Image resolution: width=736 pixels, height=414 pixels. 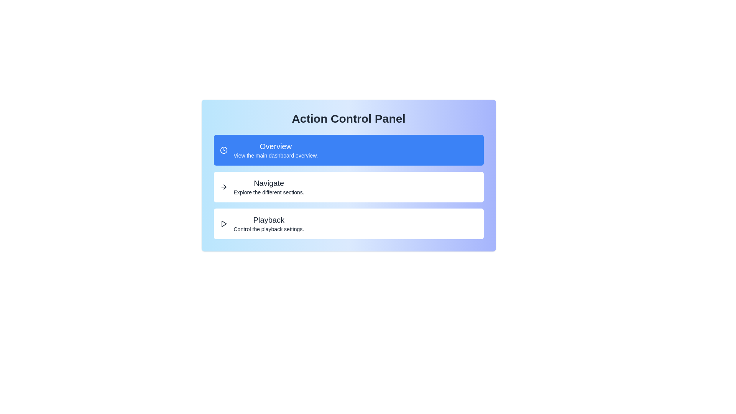 What do you see at coordinates (223, 223) in the screenshot?
I see `the triangular play-shaped icon with a thin border next to the text 'Playback' in the third section of the interface` at bounding box center [223, 223].